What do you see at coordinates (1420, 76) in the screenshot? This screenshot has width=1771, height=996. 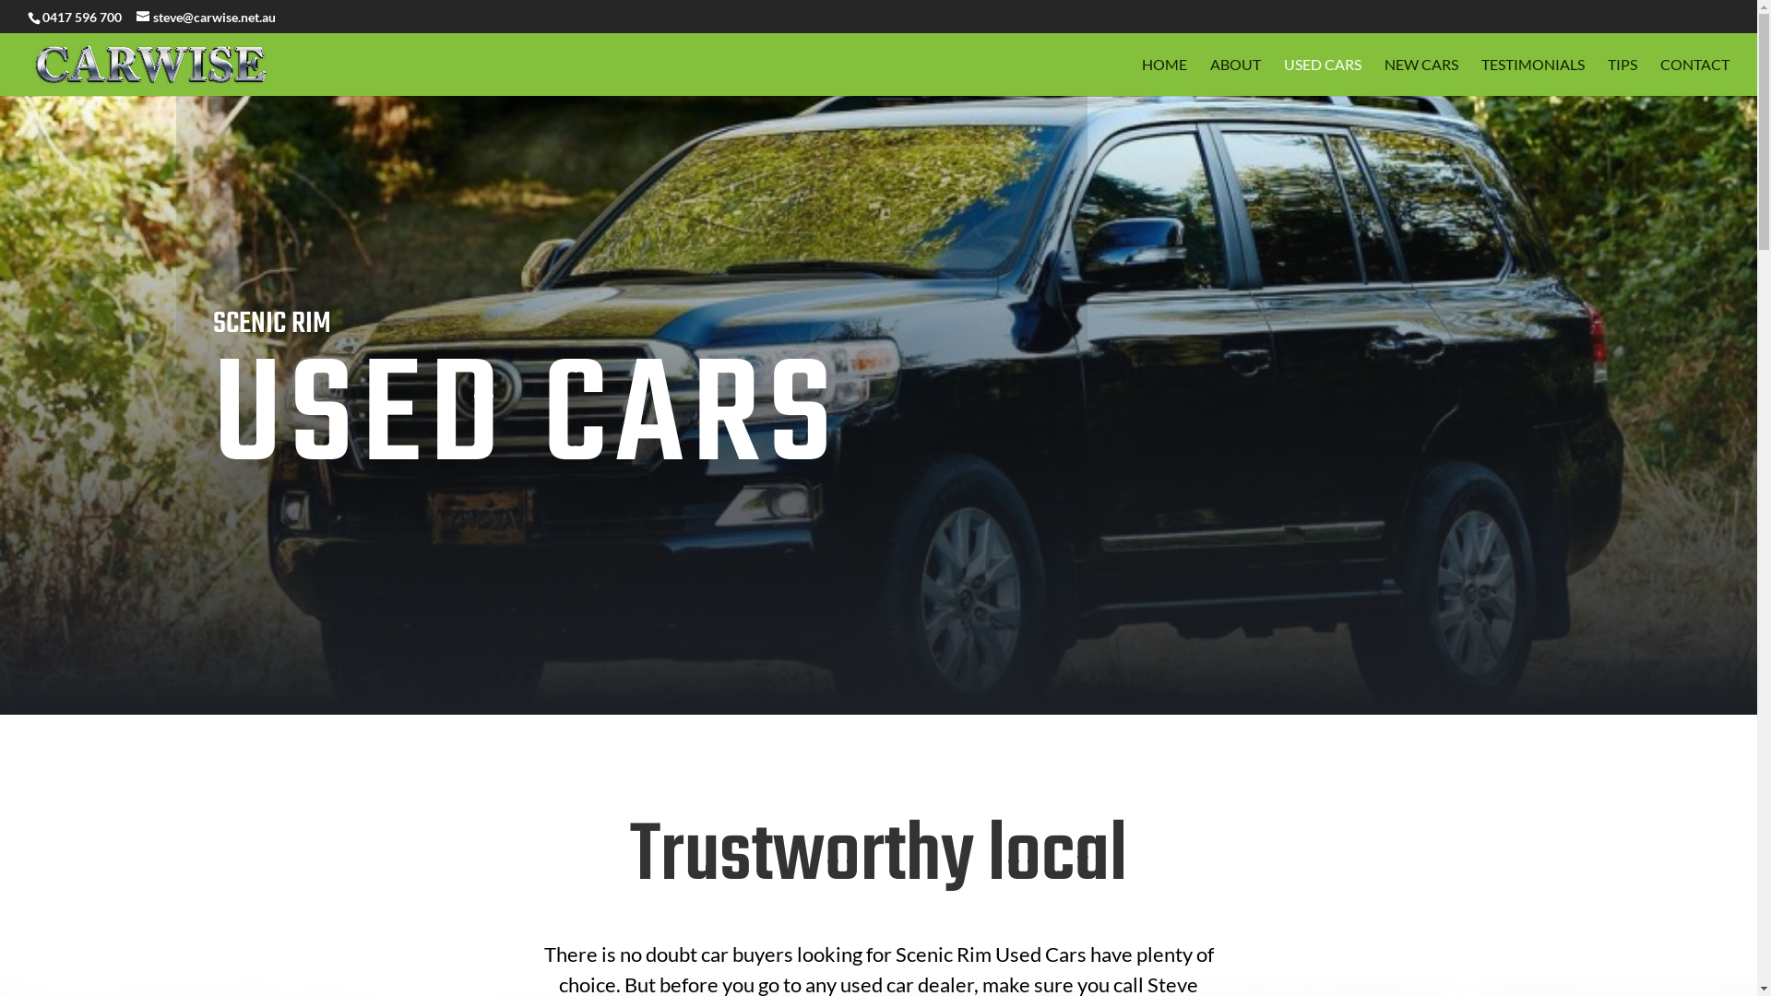 I see `'NEW CARS'` at bounding box center [1420, 76].